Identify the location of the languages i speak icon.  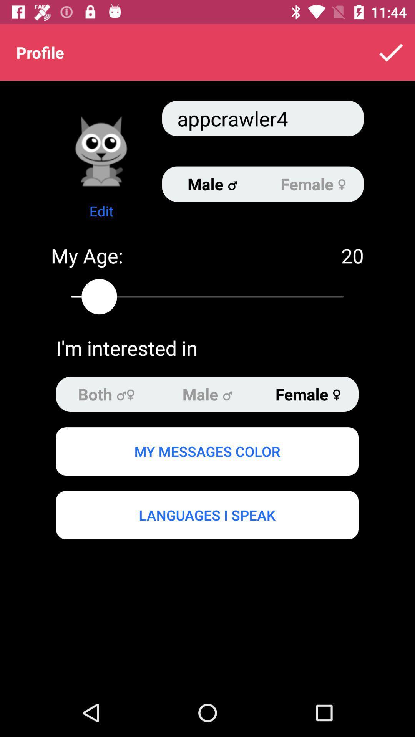
(207, 515).